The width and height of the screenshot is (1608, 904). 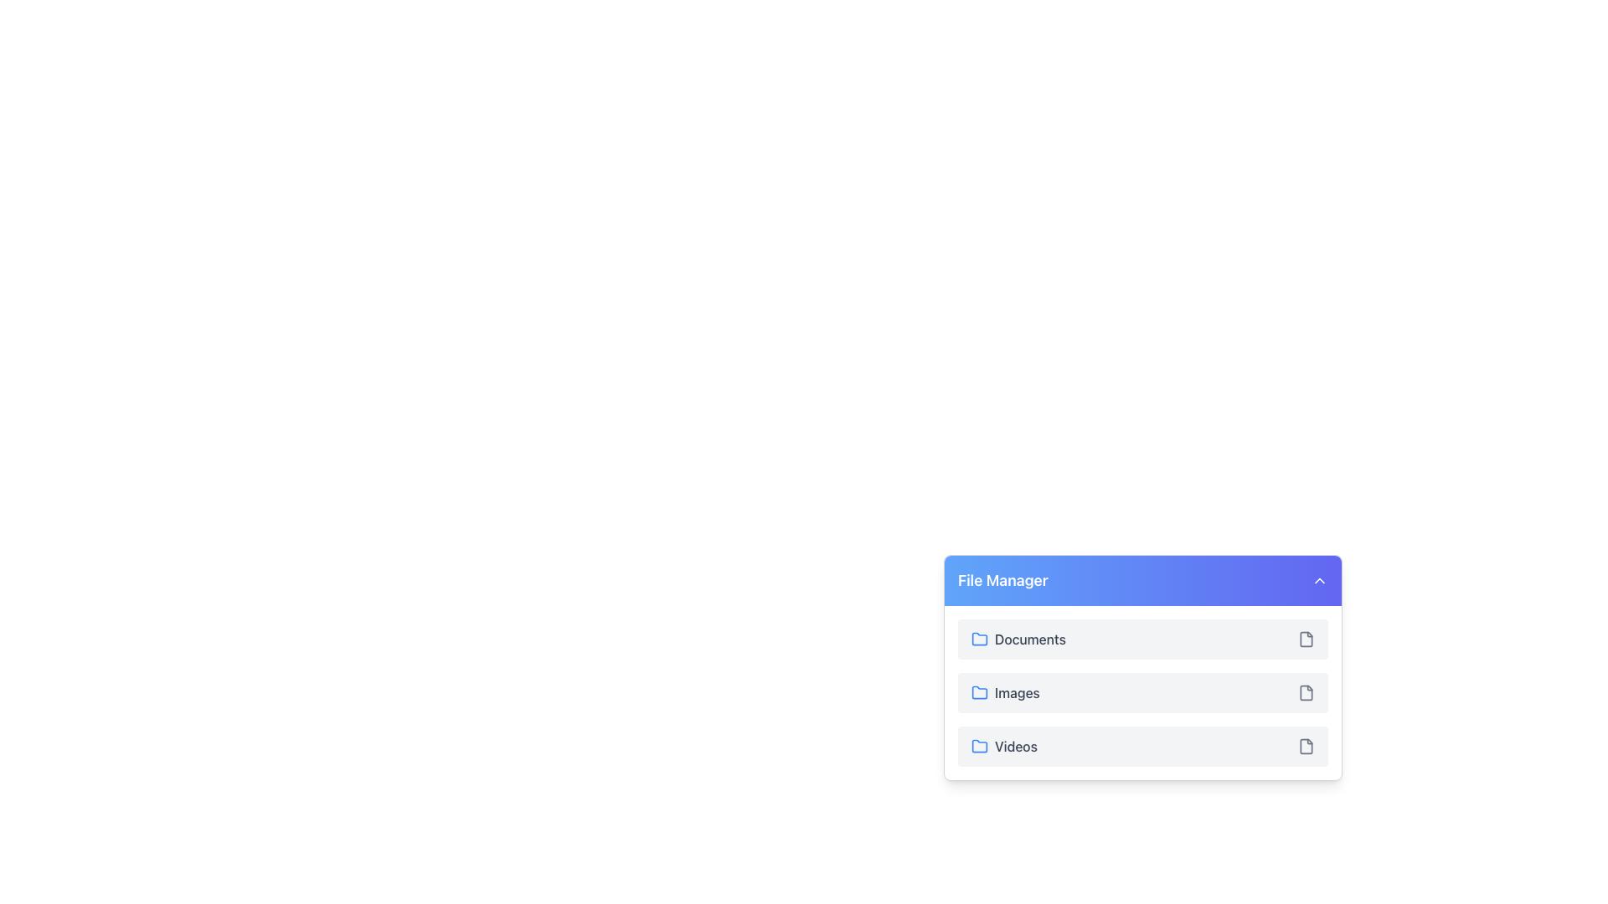 I want to click on the second row in the file manager interface labeled 'Images', so click(x=1142, y=693).